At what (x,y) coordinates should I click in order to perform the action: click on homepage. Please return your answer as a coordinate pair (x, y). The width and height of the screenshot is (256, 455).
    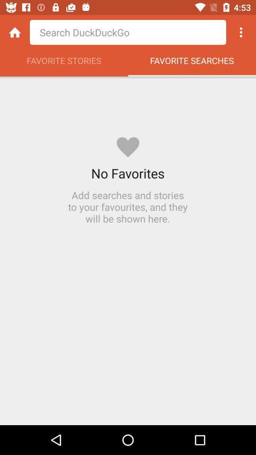
    Looking at the image, I should click on (14, 32).